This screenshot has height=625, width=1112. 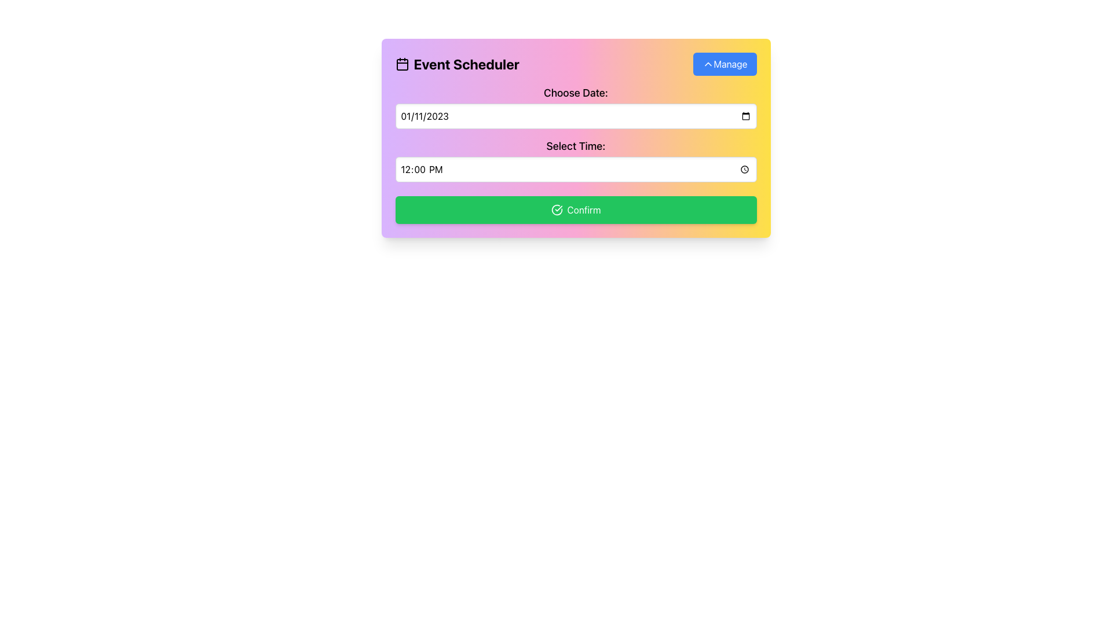 I want to click on the decorative icon element within the calendar icon, which is located to the left of the 'Event Scheduler' text, so click(x=402, y=64).